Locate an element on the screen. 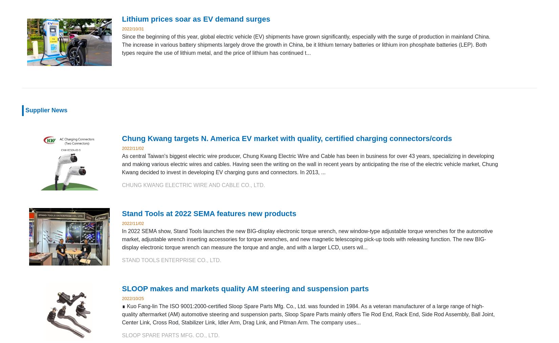 This screenshot has width=559, height=343. '2022/10/25' is located at coordinates (133, 298).